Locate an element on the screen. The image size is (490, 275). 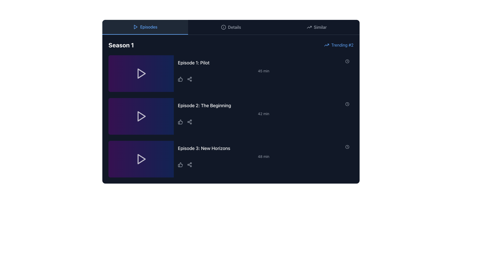
the Text label that indicates the duration of the episode, located in the second episode listing under 'Season 1', adjacent to 'Episode 2: The Beginning' is located at coordinates (263, 114).